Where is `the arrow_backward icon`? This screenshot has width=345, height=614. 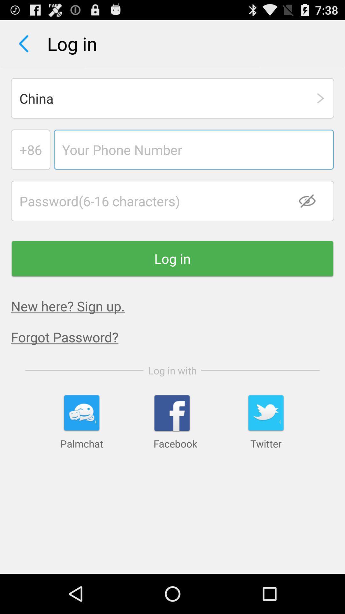 the arrow_backward icon is located at coordinates (23, 46).